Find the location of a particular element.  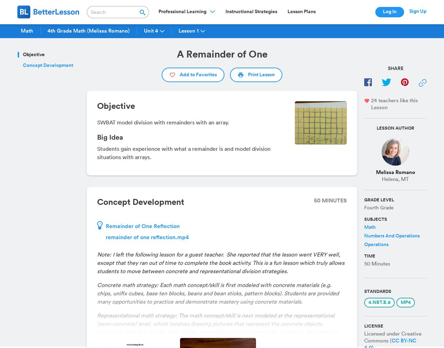

'Numbers and Operations' is located at coordinates (392, 236).